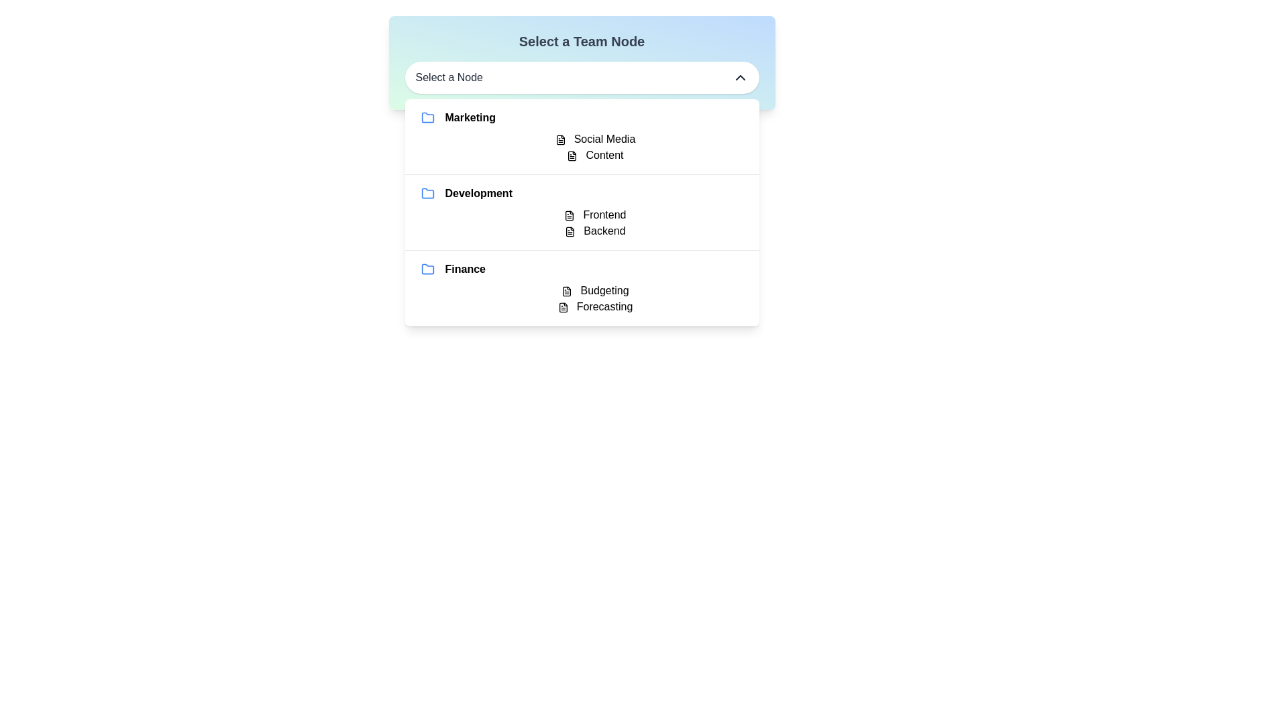 This screenshot has height=724, width=1288. I want to click on the static text label displaying 'Development' in bold font, which is positioned centrally between a blue folder icon and the rest of the layout, so click(478, 194).